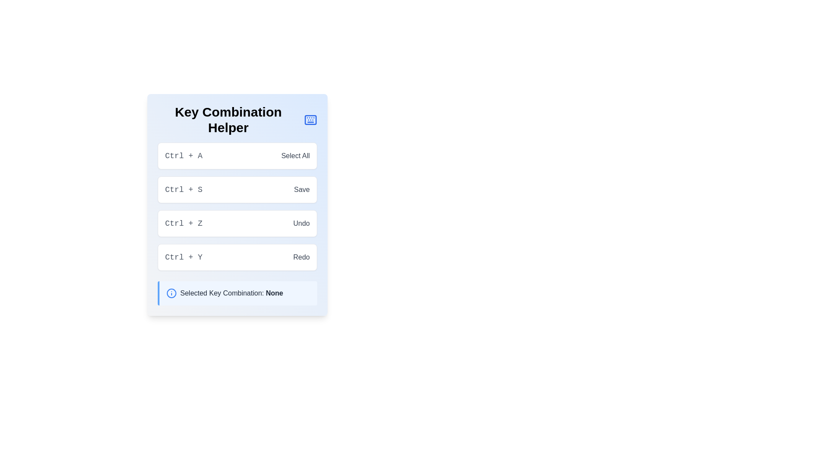 Image resolution: width=832 pixels, height=468 pixels. Describe the element at coordinates (237, 207) in the screenshot. I see `the second item in the List of interactive items titled 'Key Combination Helper', which describes the command 'Ctrl + S Save'` at that location.